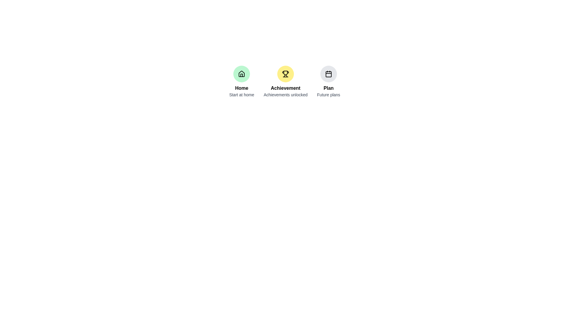  I want to click on the third navigational item with an icon and text, located to the right of the 'Achievement' section and below the calendar icon, so click(328, 81).